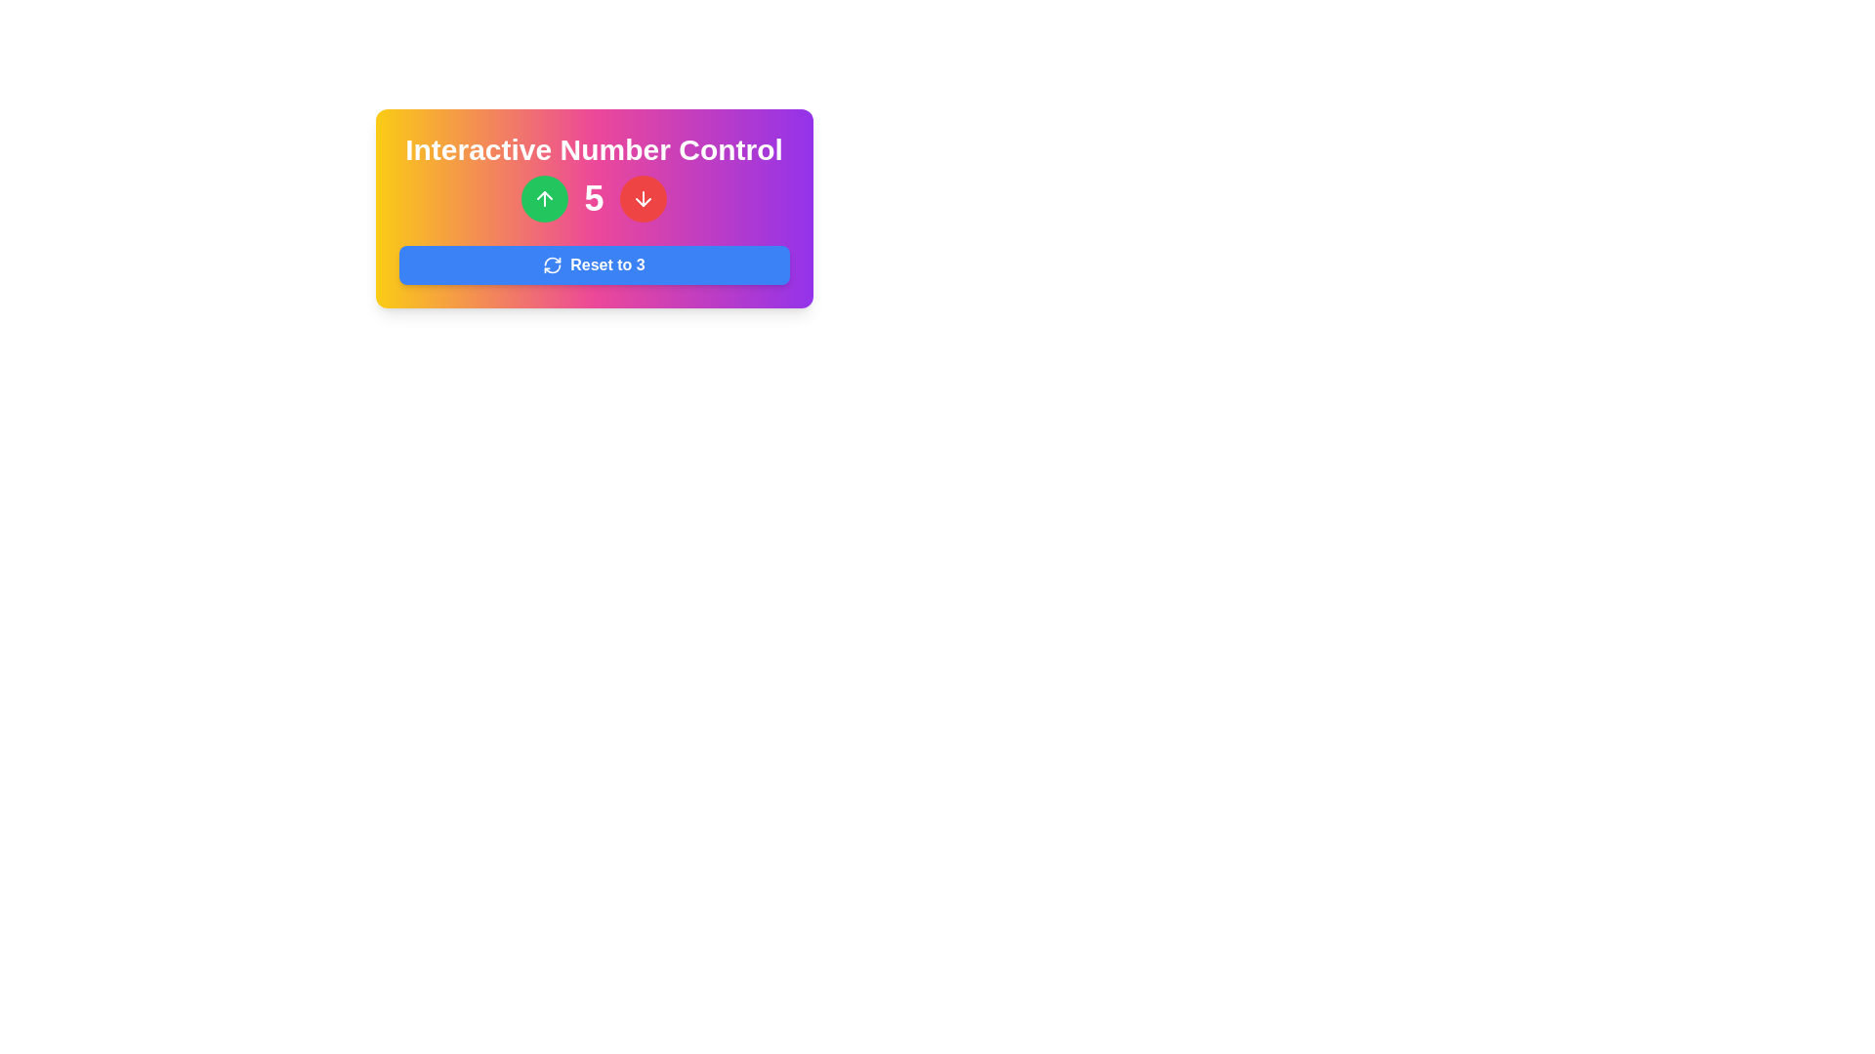  Describe the element at coordinates (545, 199) in the screenshot. I see `the increment button with the arrow icon located next to the numeric display showing '5' in the 'Interactive Number Control' interface` at that location.